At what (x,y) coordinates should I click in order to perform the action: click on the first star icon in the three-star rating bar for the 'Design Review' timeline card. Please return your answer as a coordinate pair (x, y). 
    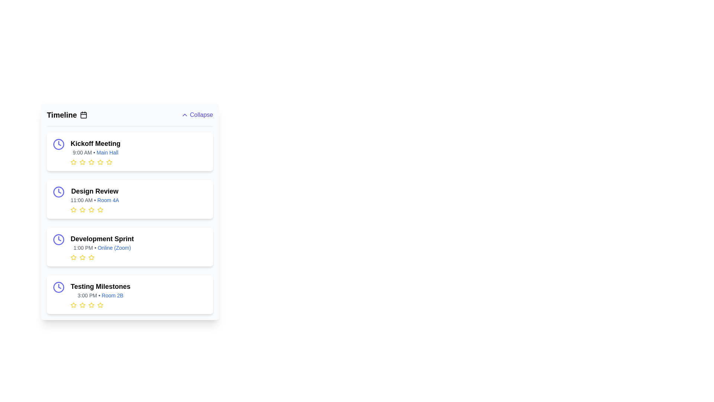
    Looking at the image, I should click on (82, 210).